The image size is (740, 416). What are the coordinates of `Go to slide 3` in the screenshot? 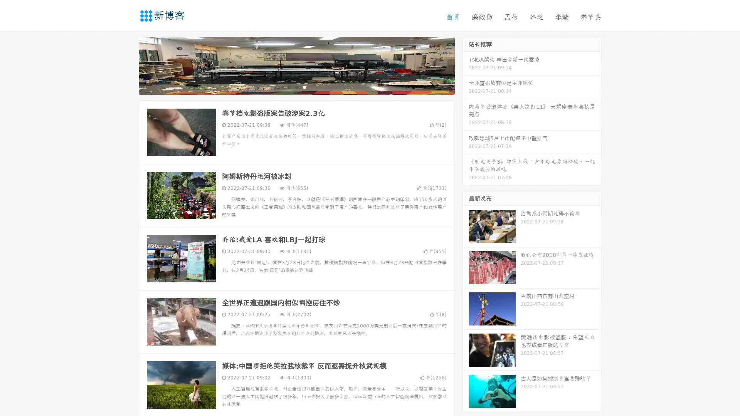 It's located at (304, 87).